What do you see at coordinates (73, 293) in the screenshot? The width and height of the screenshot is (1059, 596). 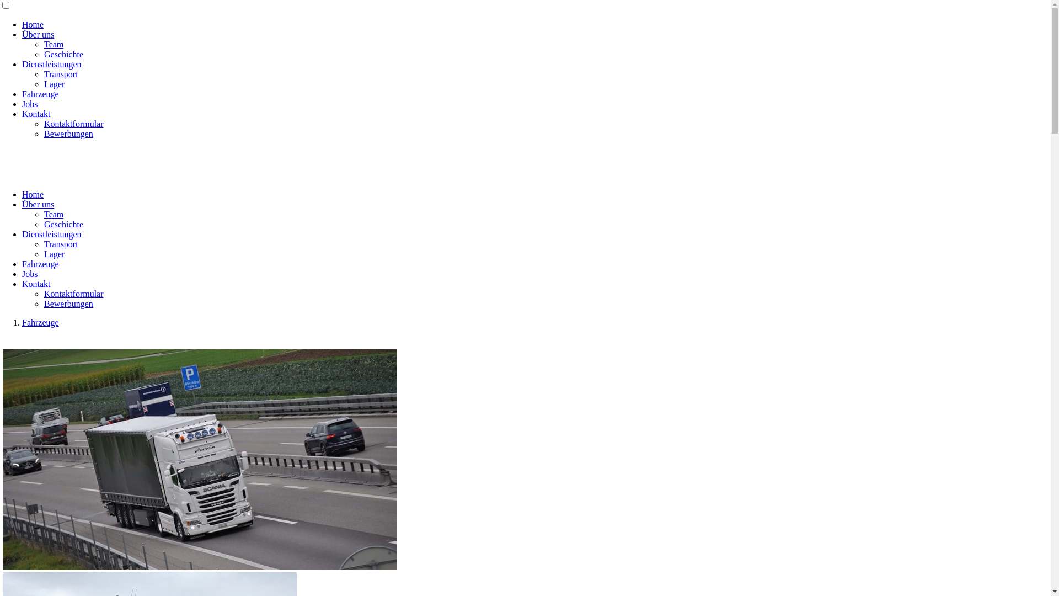 I see `'Kontaktformular'` at bounding box center [73, 293].